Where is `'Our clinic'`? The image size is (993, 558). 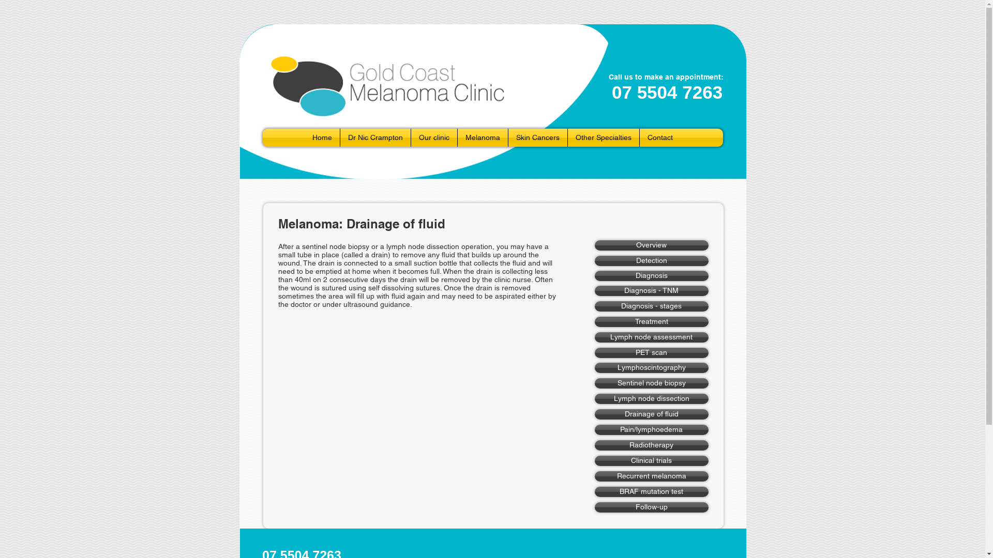 'Our clinic' is located at coordinates (411, 137).